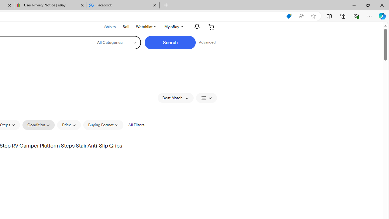  What do you see at coordinates (212, 26) in the screenshot?
I see `'Expand Cart'` at bounding box center [212, 26].